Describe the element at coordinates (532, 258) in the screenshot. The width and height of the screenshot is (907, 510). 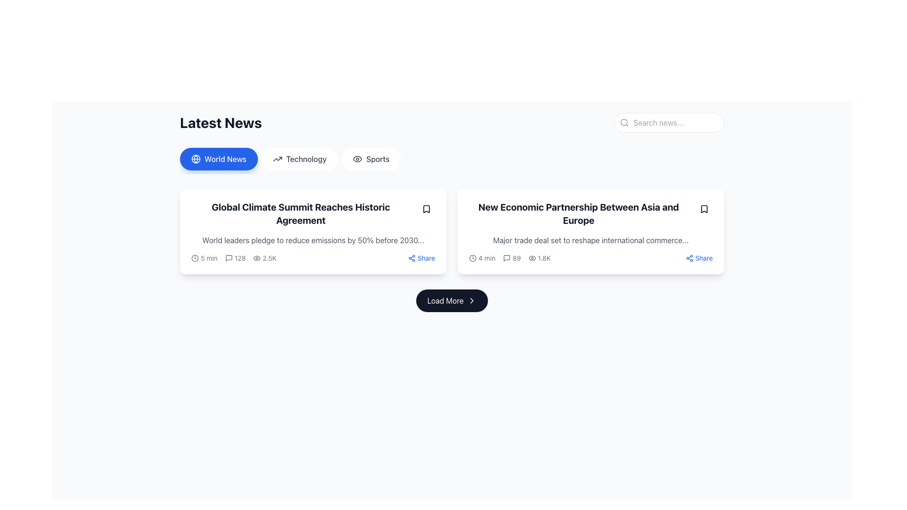
I see `the eye icon located to the left of the numeric text '1.8K' in the bottom-right part of the second card` at that location.